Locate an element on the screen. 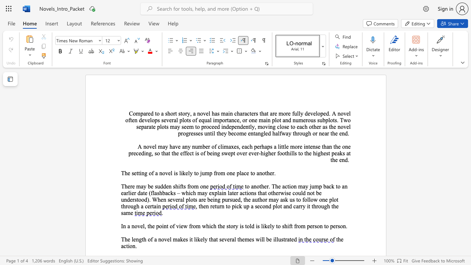 The height and width of the screenshot is (265, 471). the subset text ", so that the effect" within the text "little more intense than the one preceding, so that the effect is of being swept over ever-higher foothills to the highest peaks at the end." is located at coordinates (151, 153).